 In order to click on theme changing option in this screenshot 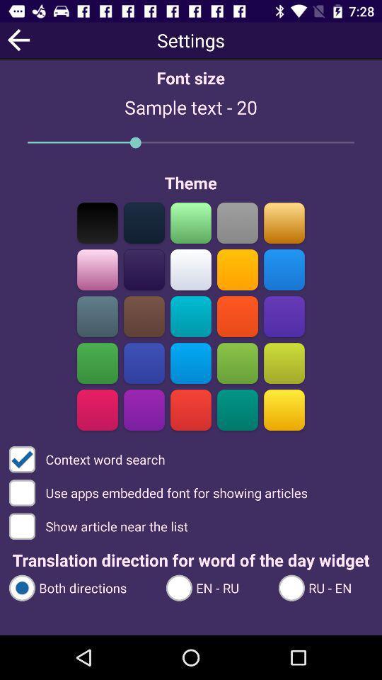, I will do `click(97, 409)`.